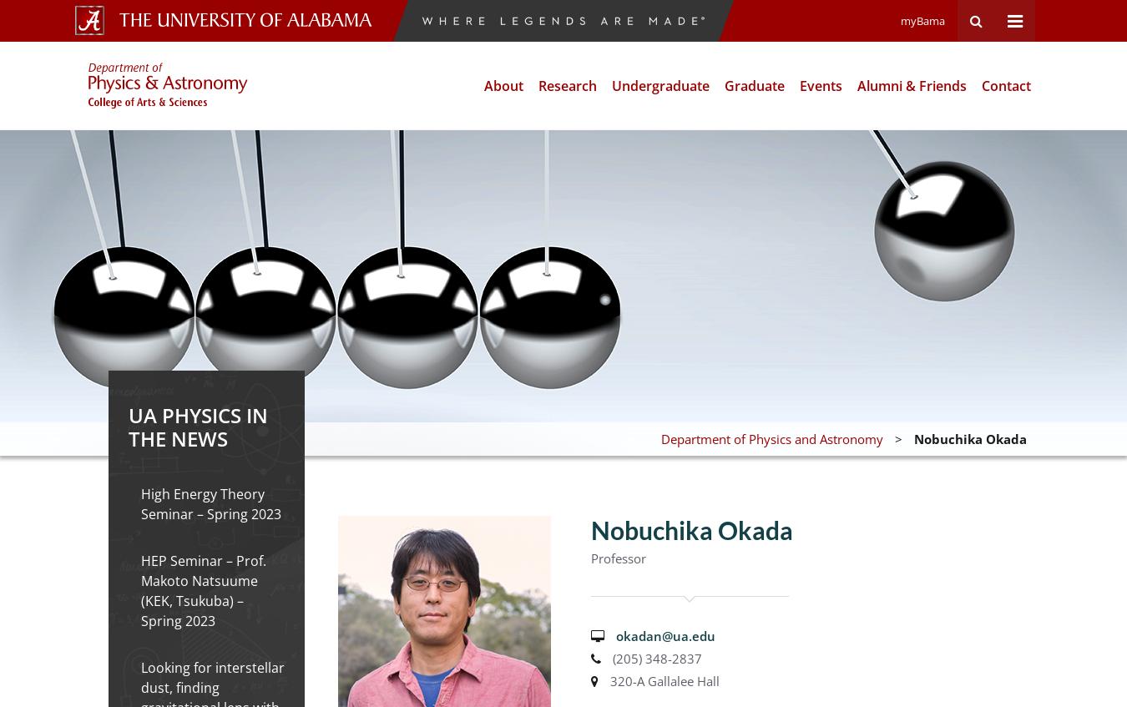 This screenshot has width=1127, height=707. I want to click on 'Undergraduate', so click(660, 85).